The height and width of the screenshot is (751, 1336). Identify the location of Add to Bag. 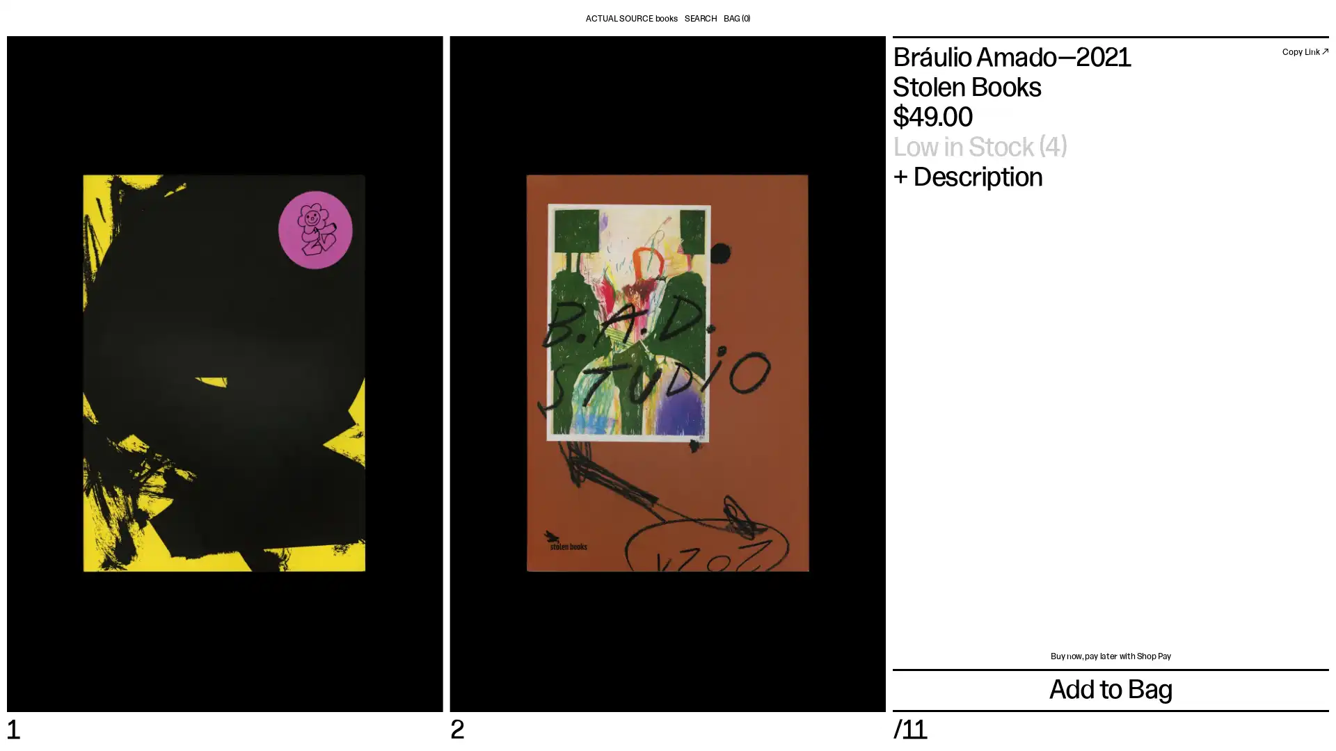
(1110, 690).